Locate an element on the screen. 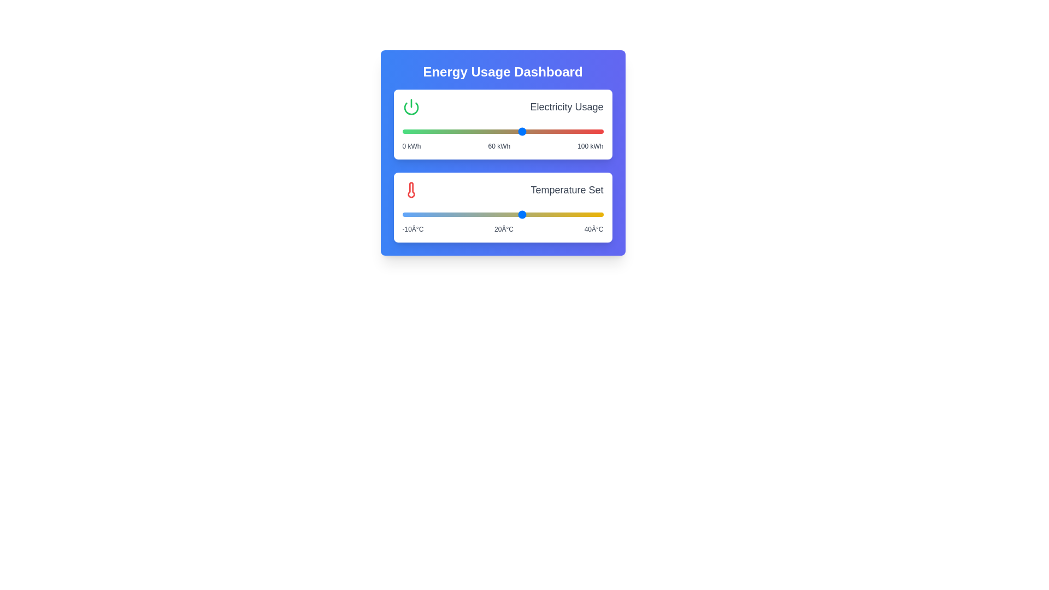 The width and height of the screenshot is (1049, 590). the electricity usage slider to 71 kWh is located at coordinates (545, 131).